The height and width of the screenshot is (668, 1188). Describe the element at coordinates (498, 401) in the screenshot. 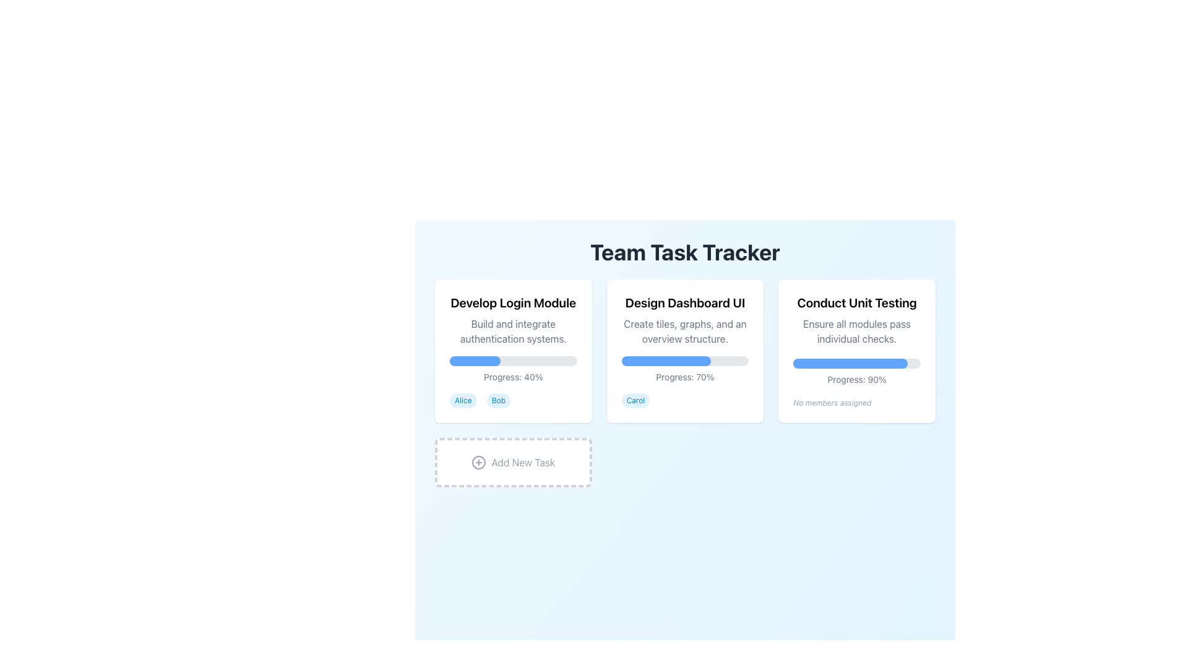

I see `text from the blue pill-shaped badge labeled 'Bob' located below the 'Progress: 40%' bar in the 'Develop Login Module' card` at that location.